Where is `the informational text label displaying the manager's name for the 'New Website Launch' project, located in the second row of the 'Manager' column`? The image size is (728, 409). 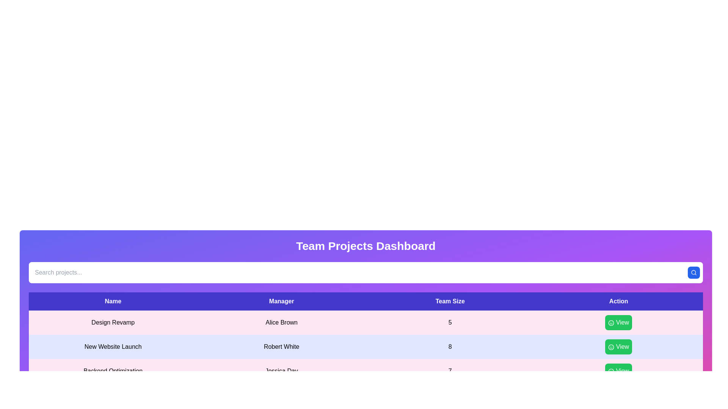
the informational text label displaying the manager's name for the 'New Website Launch' project, located in the second row of the 'Manager' column is located at coordinates (281, 347).